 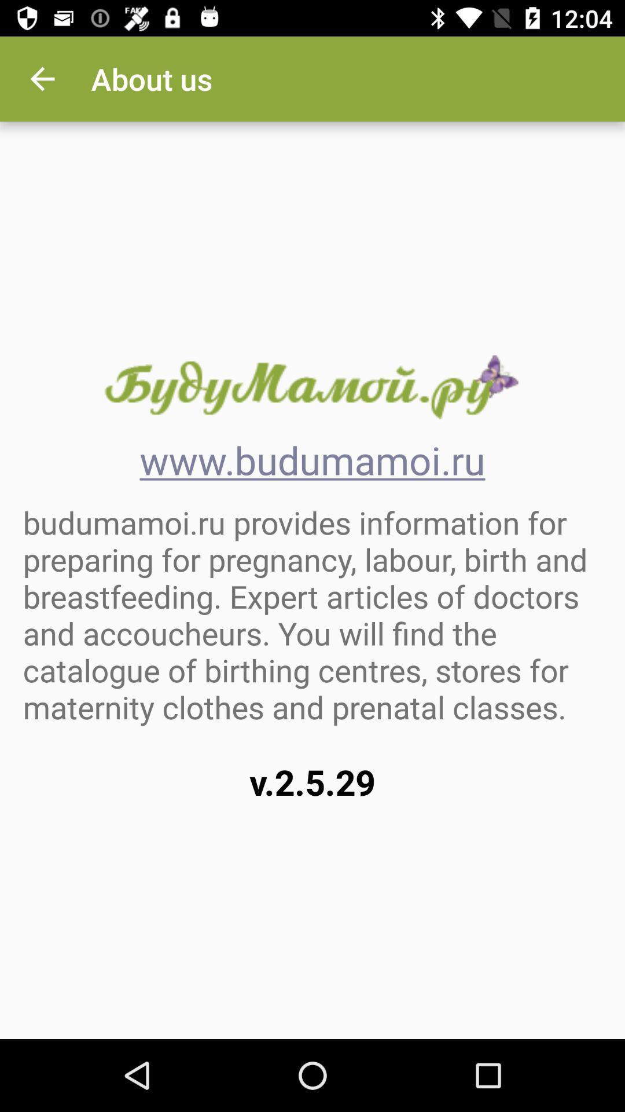 I want to click on website, so click(x=311, y=387).